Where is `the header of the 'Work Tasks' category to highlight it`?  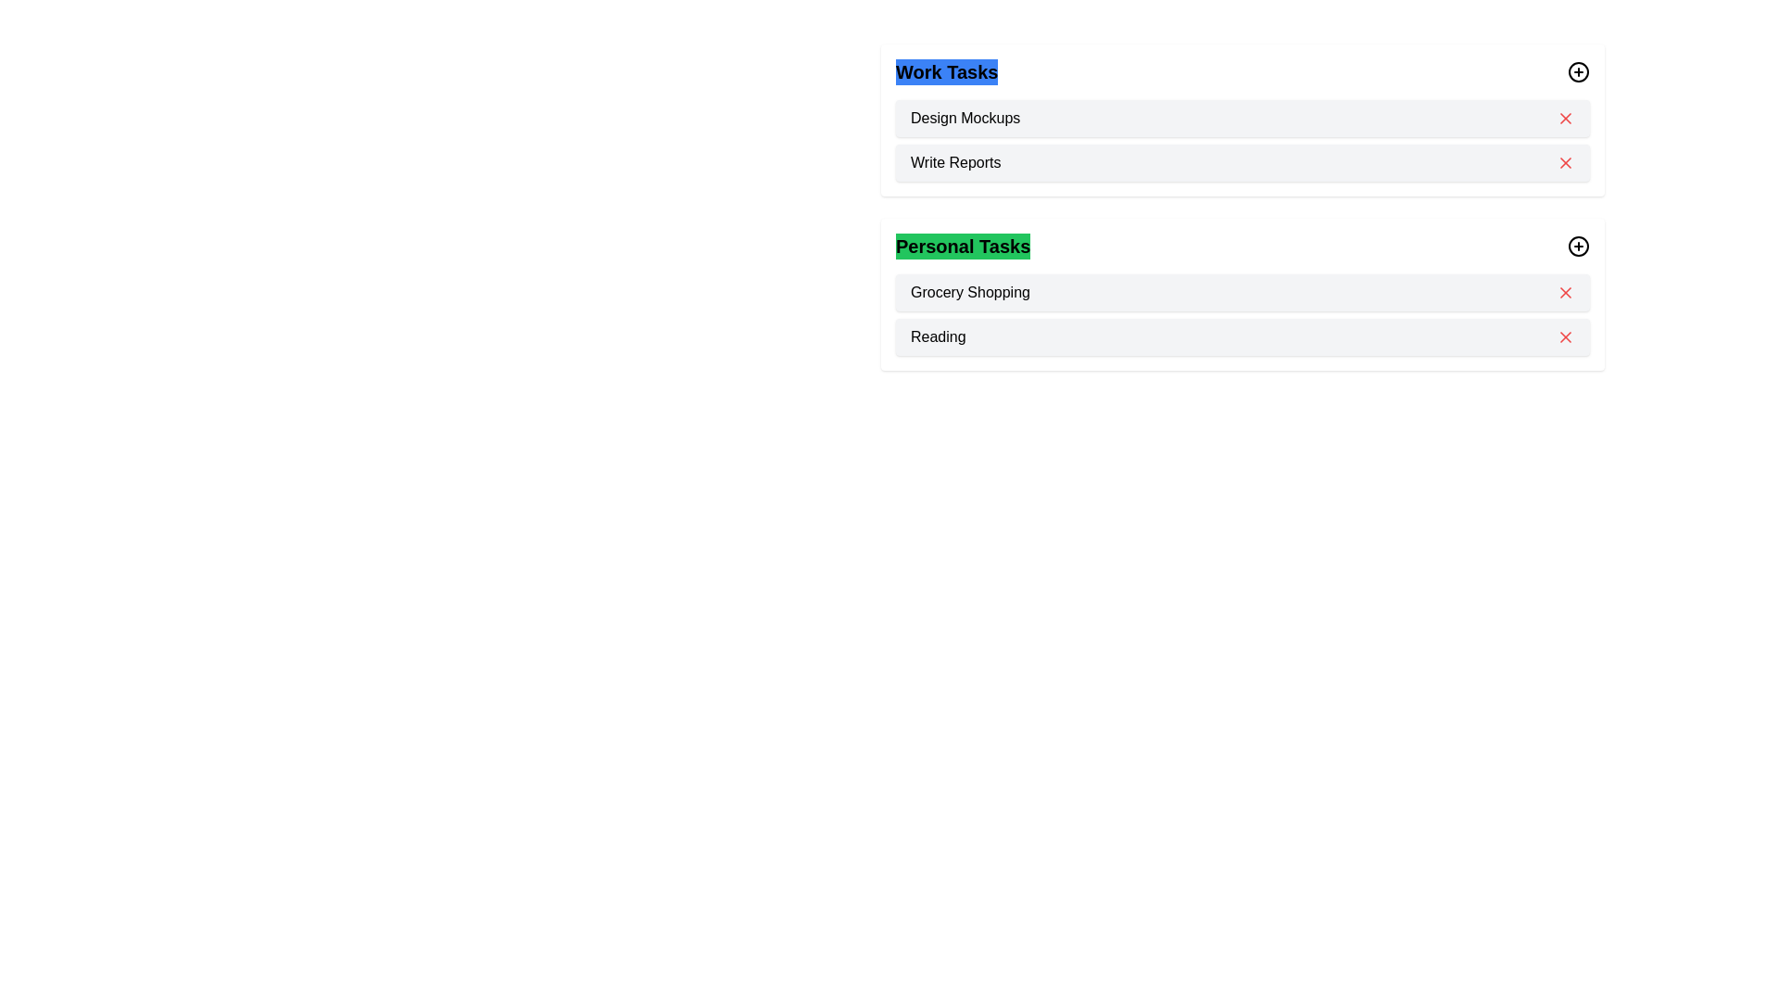
the header of the 'Work Tasks' category to highlight it is located at coordinates (947, 70).